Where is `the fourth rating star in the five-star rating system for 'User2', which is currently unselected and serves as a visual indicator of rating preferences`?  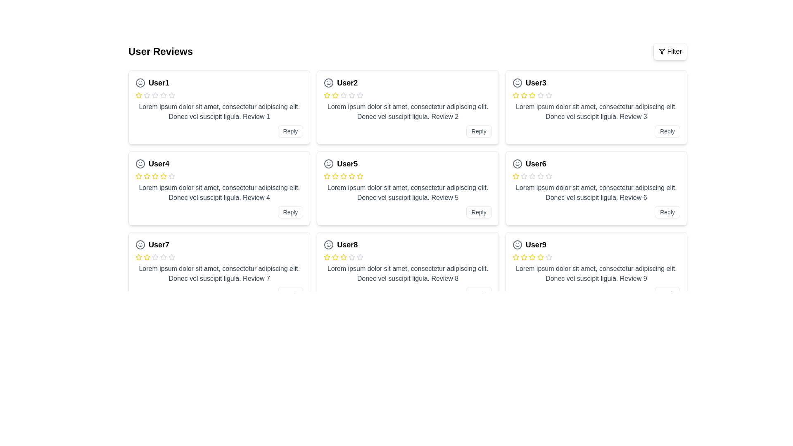
the fourth rating star in the five-star rating system for 'User2', which is currently unselected and serves as a visual indicator of rating preferences is located at coordinates (352, 95).